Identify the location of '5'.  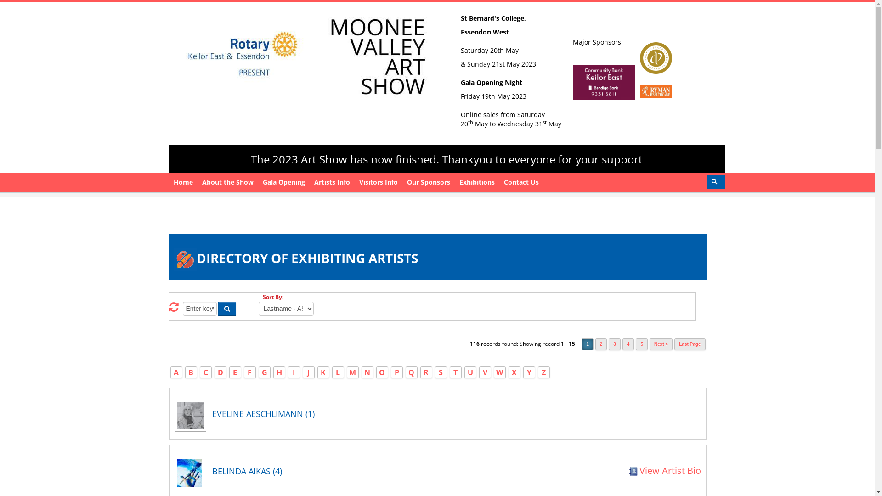
(641, 344).